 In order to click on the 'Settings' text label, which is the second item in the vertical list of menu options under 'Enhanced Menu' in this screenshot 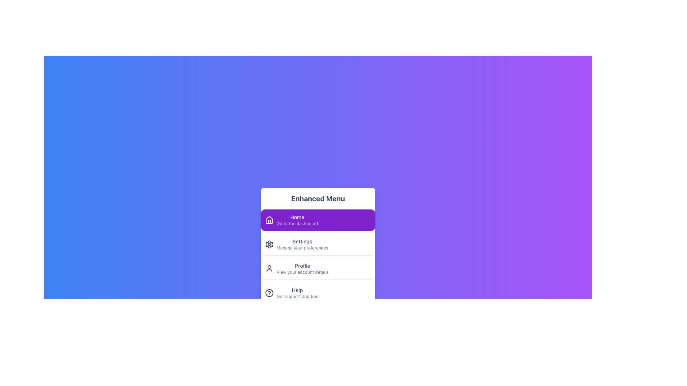, I will do `click(302, 244)`.